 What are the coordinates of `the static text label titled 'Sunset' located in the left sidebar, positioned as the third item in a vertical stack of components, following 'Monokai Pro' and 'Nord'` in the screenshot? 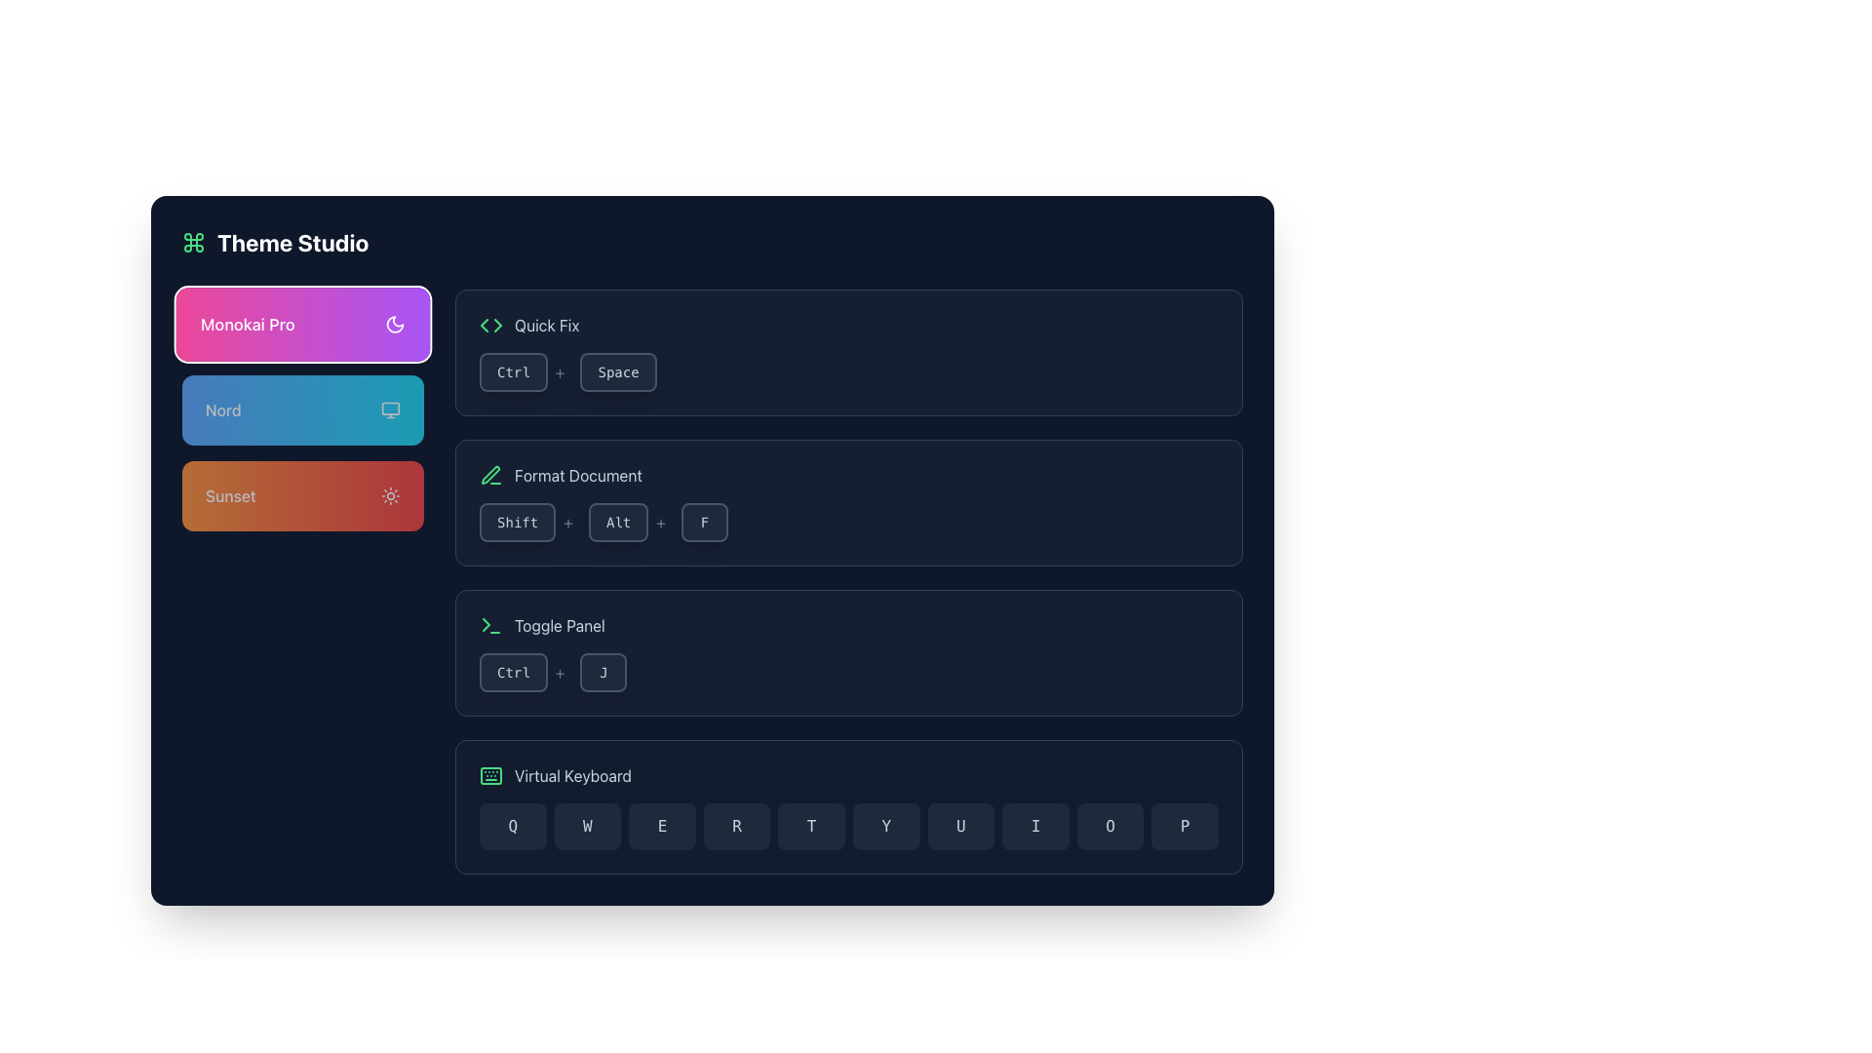 It's located at (230, 495).